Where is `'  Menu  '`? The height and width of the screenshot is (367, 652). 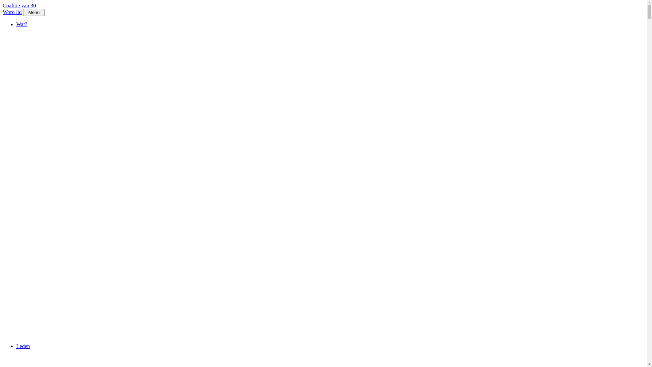
'  Menu  ' is located at coordinates (34, 12).